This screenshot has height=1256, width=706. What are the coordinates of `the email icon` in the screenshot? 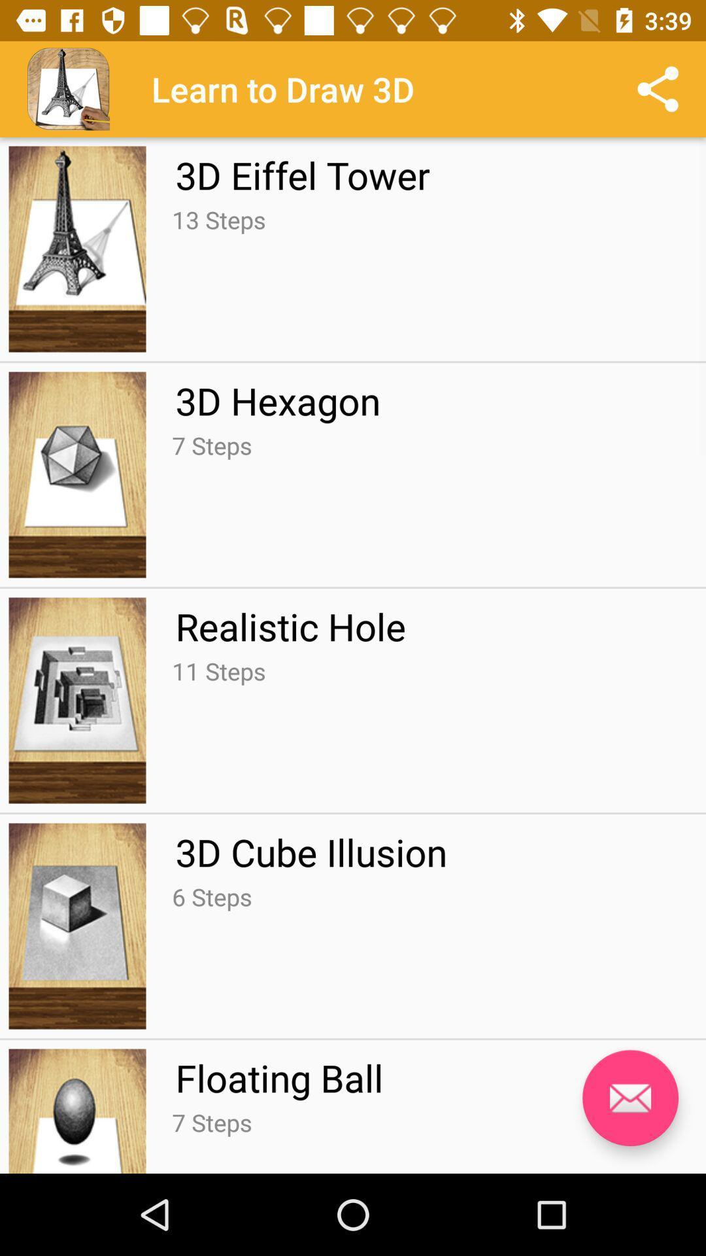 It's located at (630, 1098).